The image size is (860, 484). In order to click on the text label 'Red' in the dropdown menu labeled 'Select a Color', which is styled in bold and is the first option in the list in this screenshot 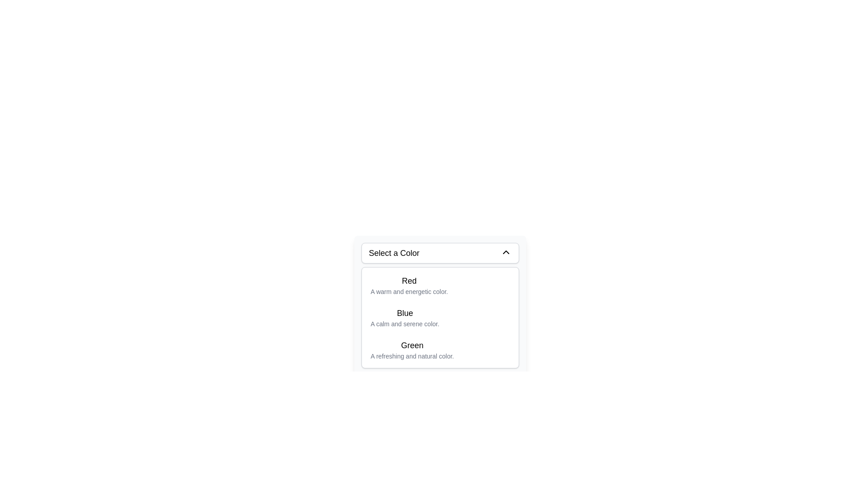, I will do `click(408, 281)`.